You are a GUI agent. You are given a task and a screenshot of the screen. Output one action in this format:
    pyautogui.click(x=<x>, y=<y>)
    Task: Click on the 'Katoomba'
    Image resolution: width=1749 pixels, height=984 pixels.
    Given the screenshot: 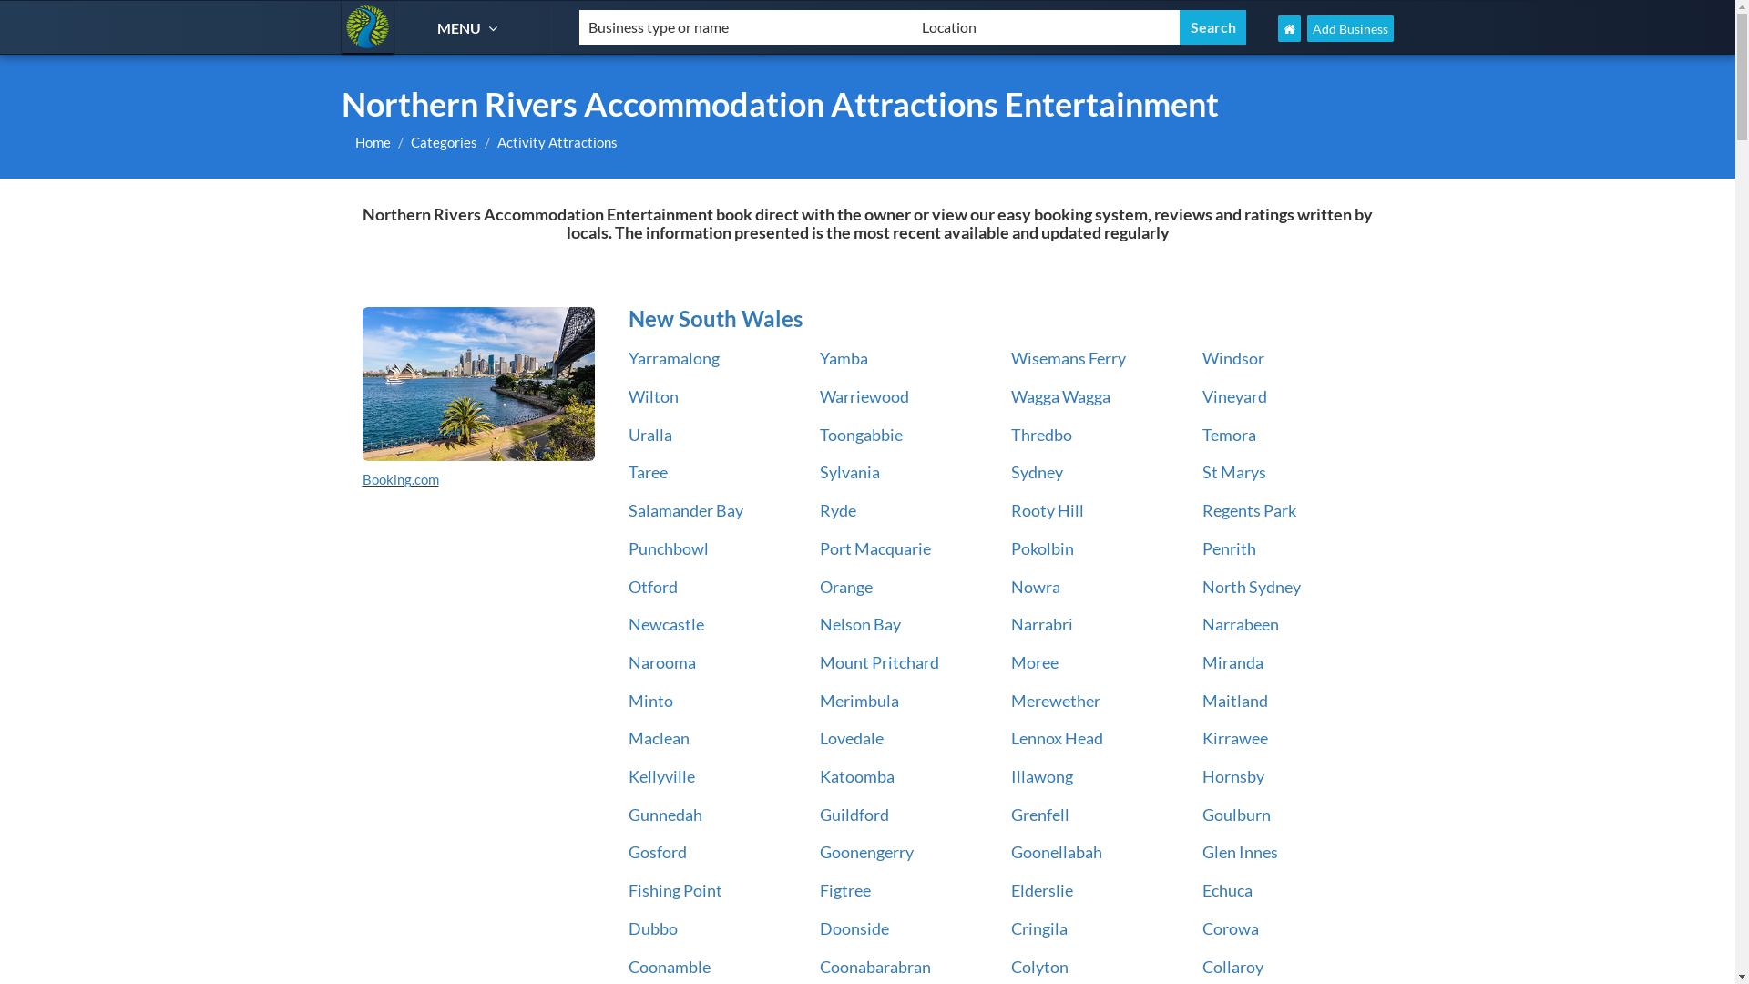 What is the action you would take?
    pyautogui.click(x=855, y=776)
    